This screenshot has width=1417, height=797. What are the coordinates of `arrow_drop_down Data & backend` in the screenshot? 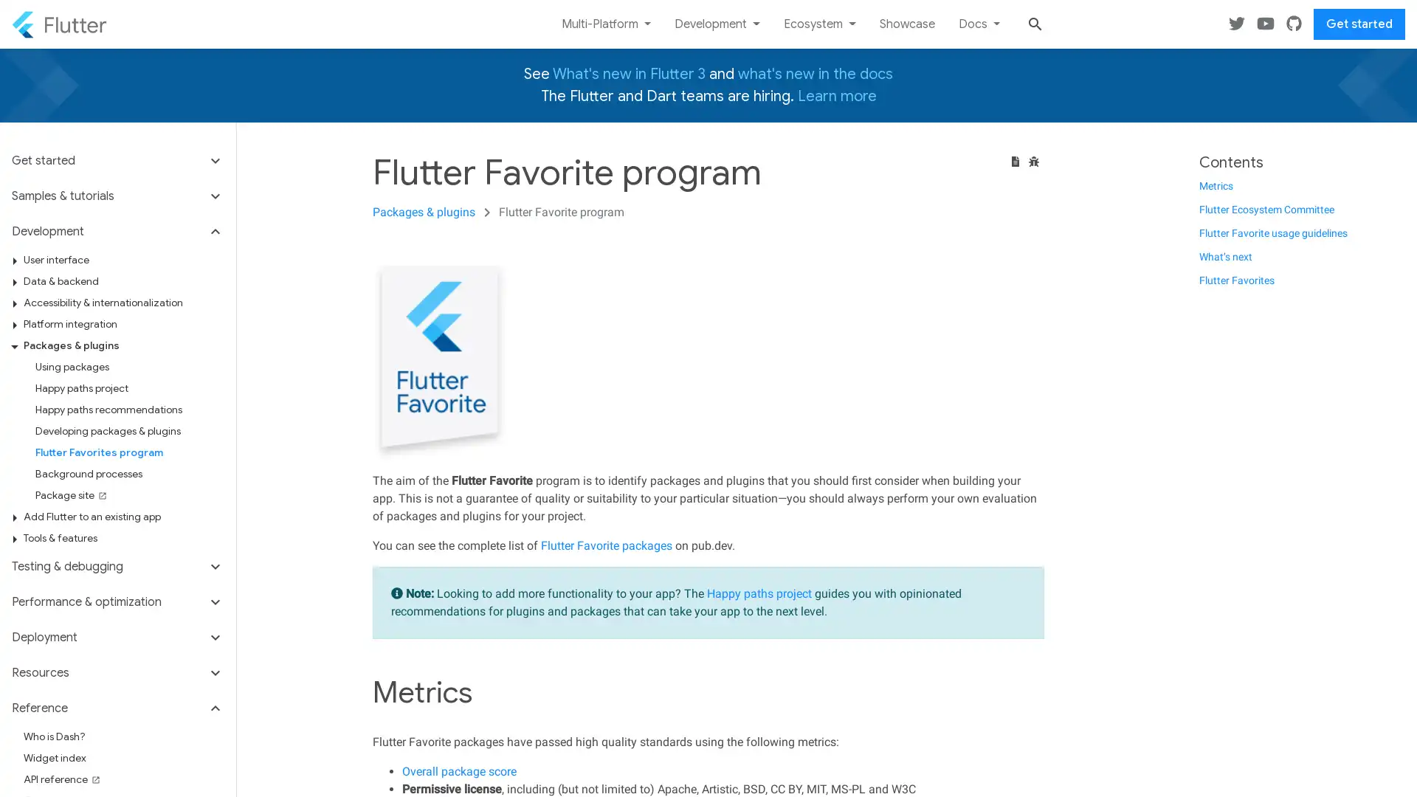 It's located at (123, 281).